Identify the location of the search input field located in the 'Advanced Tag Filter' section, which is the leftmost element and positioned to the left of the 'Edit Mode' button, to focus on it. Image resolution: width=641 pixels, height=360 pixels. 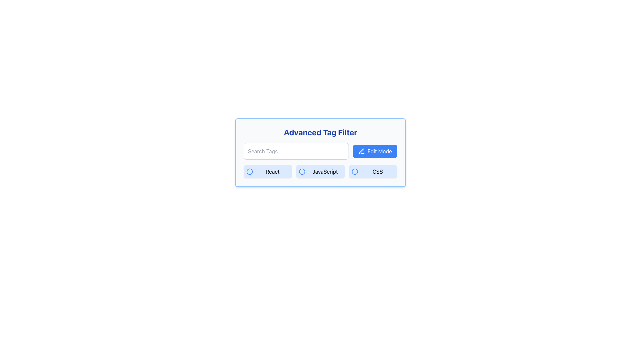
(296, 151).